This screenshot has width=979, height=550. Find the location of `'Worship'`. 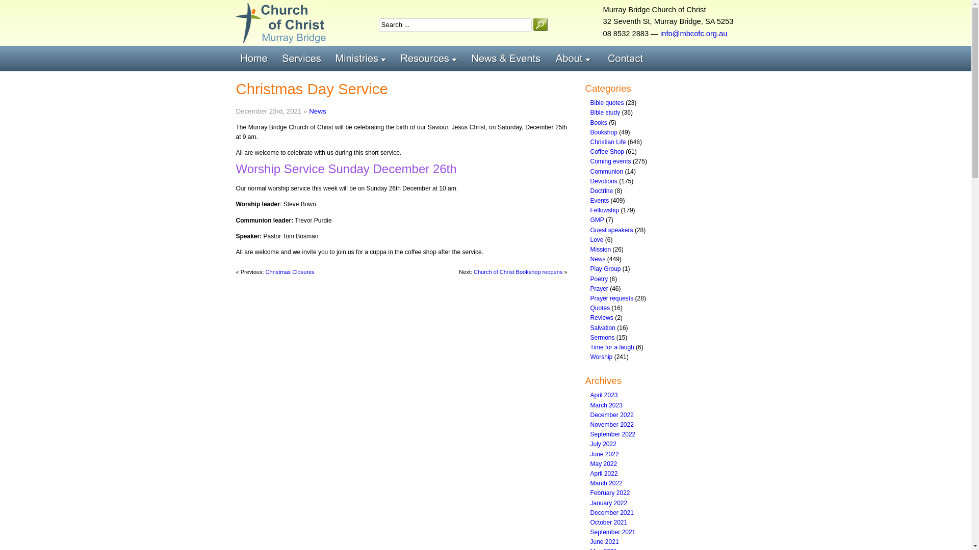

'Worship' is located at coordinates (602, 356).